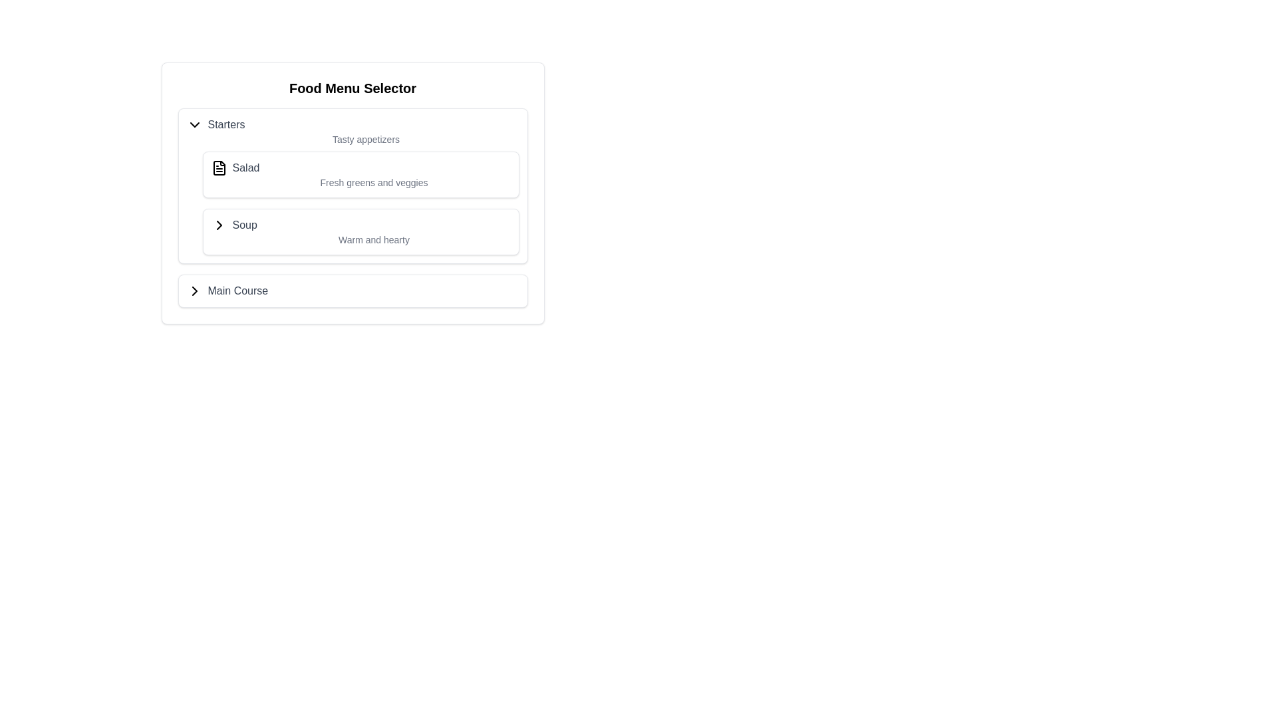 This screenshot has width=1277, height=718. Describe the element at coordinates (219, 168) in the screenshot. I see `the 'Salad' icon in the 'Starters' section of the 'Food Menu Selector'` at that location.